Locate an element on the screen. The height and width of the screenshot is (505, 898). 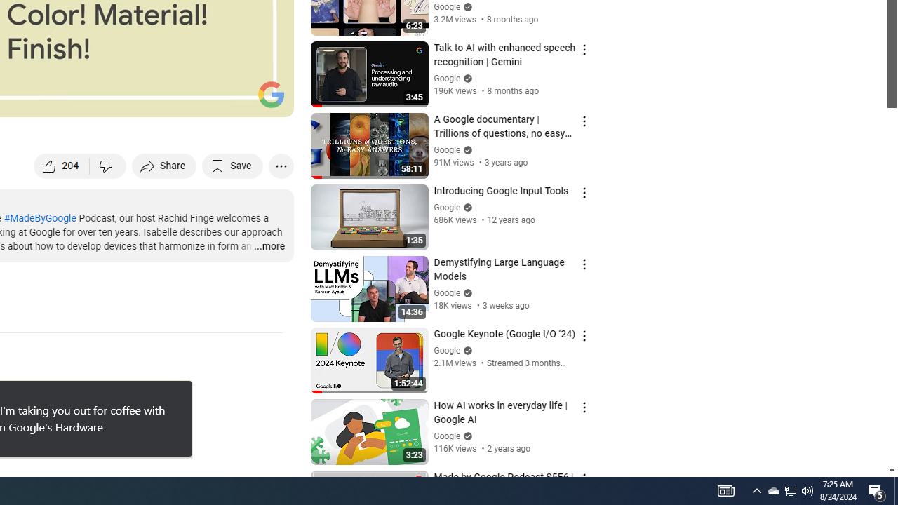
'Channel watermark' is located at coordinates (271, 95).